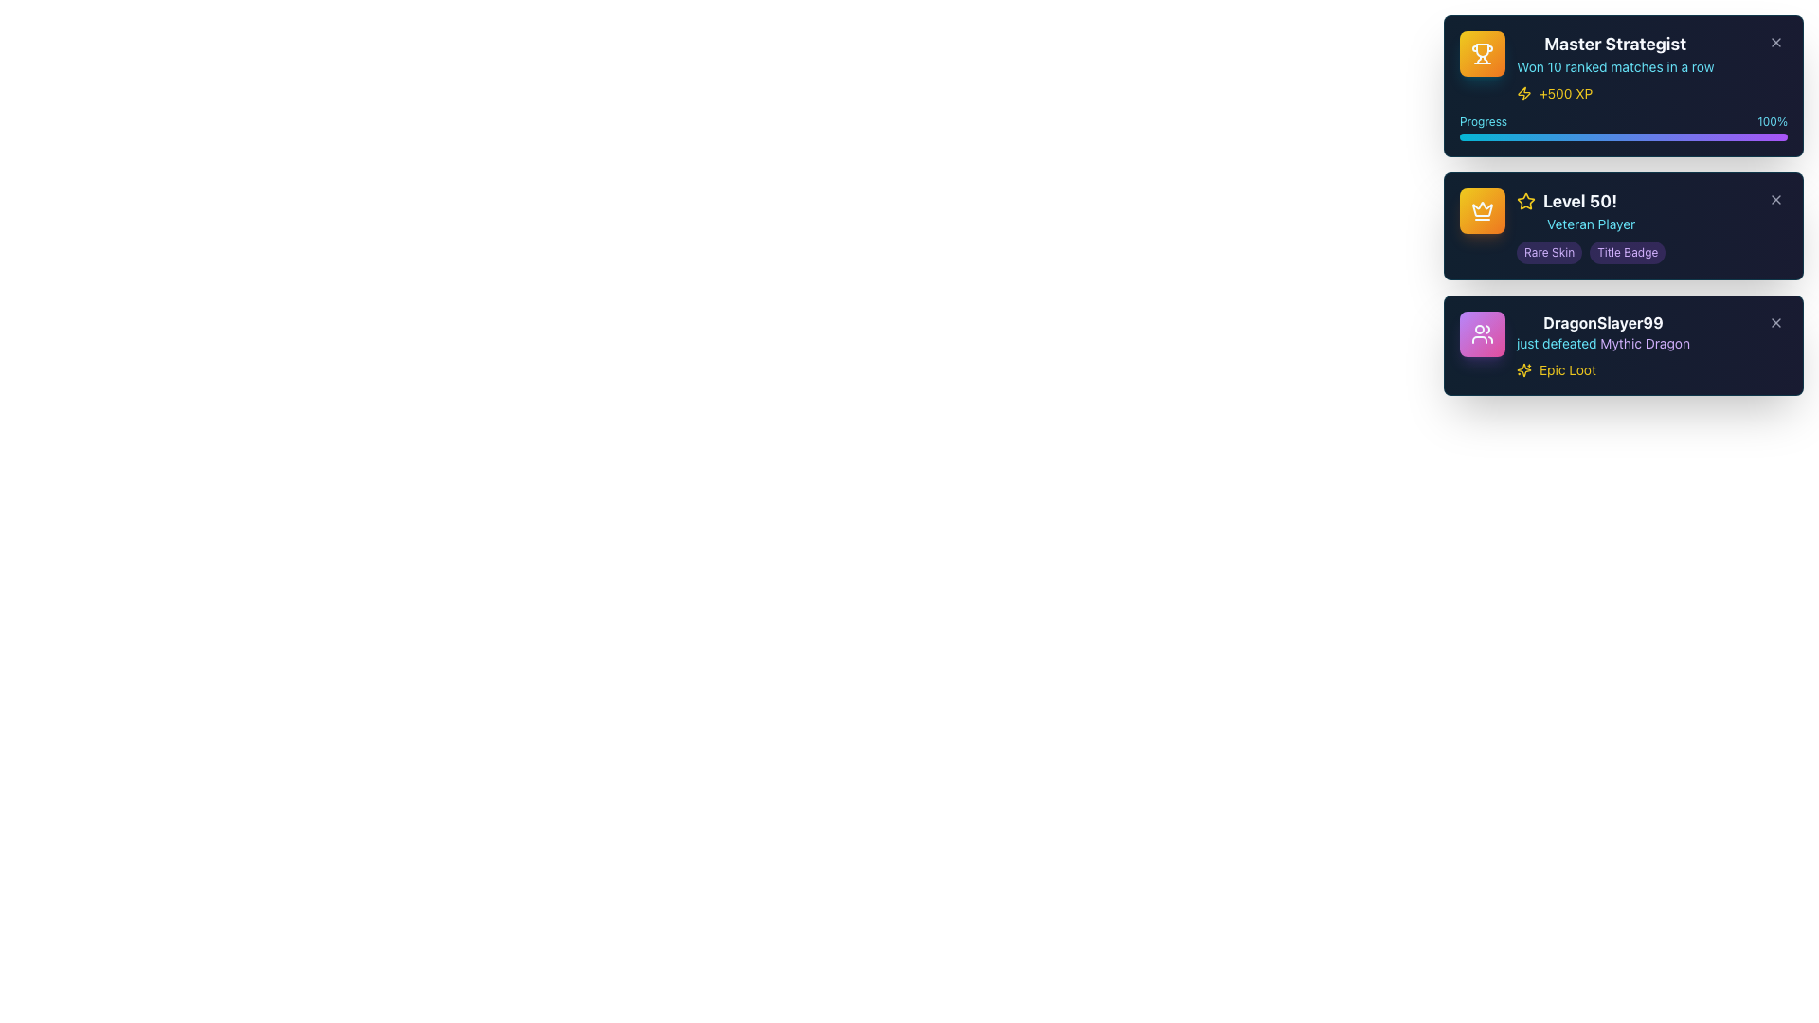  Describe the element at coordinates (1622, 346) in the screenshot. I see `the Achievement notification card, which is the third element in a vertical list, to interact with it` at that location.